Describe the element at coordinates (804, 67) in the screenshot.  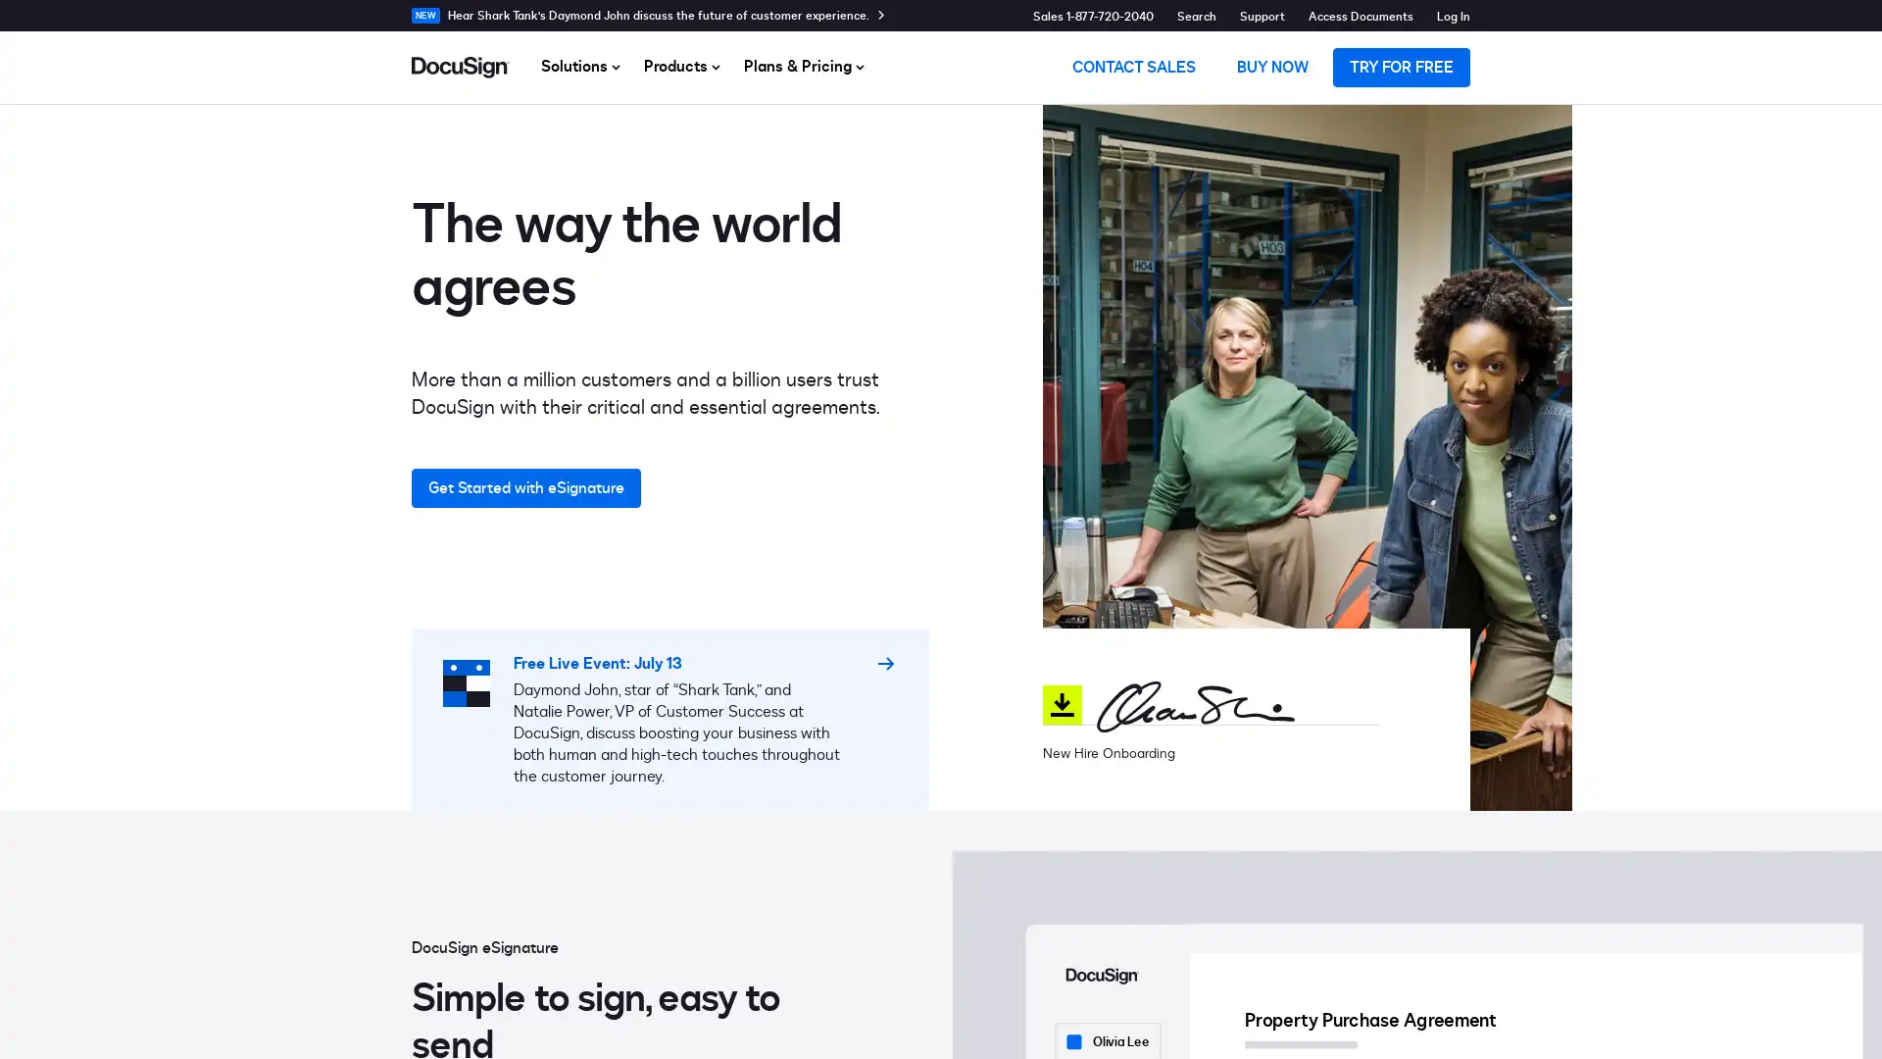
I see `Plans & Pricing` at that location.